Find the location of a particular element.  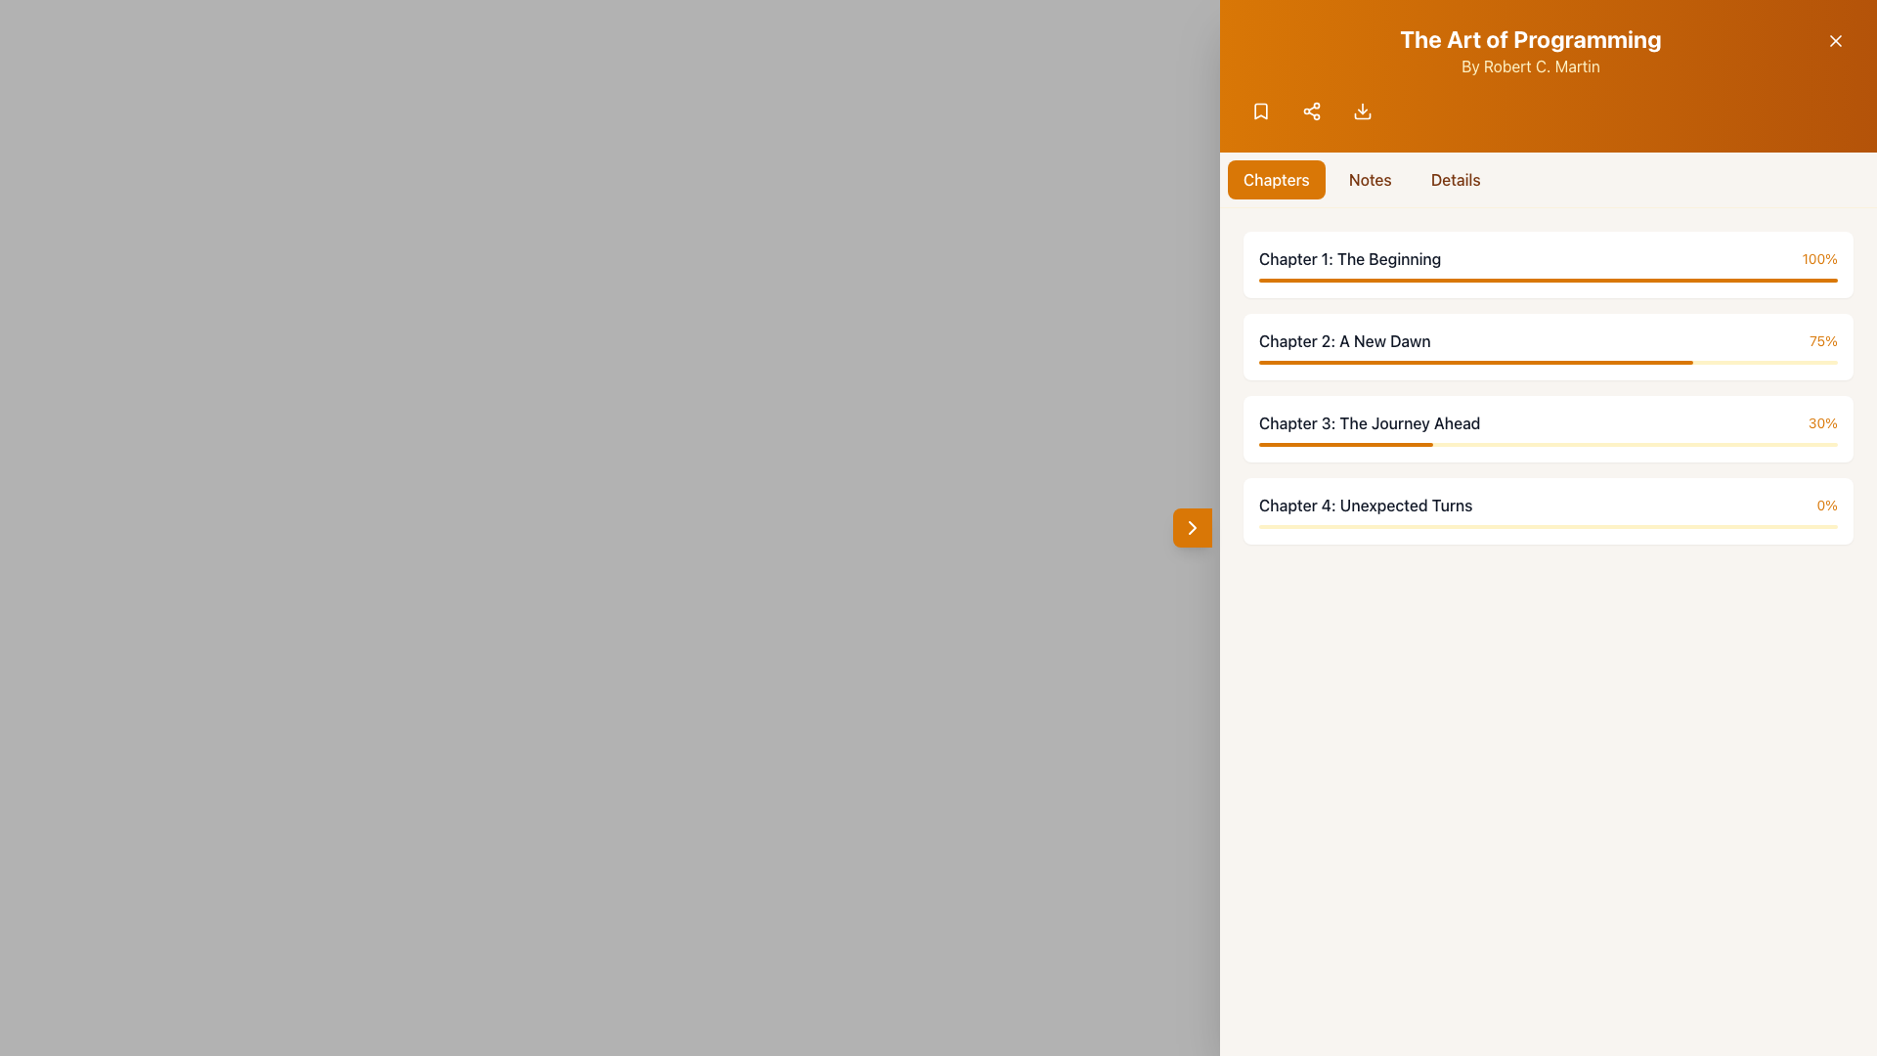

the Header bar titled 'The Art of Programming' which features a subtitle 'By Robert C. Martin' at the top of the right panel is located at coordinates (1548, 49).